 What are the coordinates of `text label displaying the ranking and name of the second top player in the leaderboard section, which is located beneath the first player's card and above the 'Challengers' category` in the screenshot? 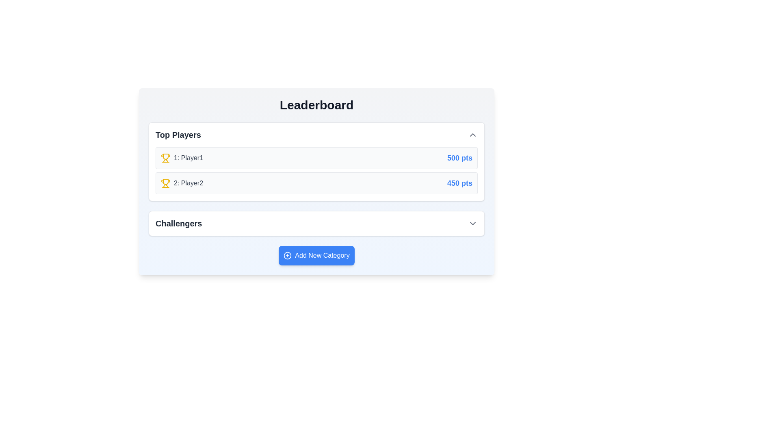 It's located at (181, 183).